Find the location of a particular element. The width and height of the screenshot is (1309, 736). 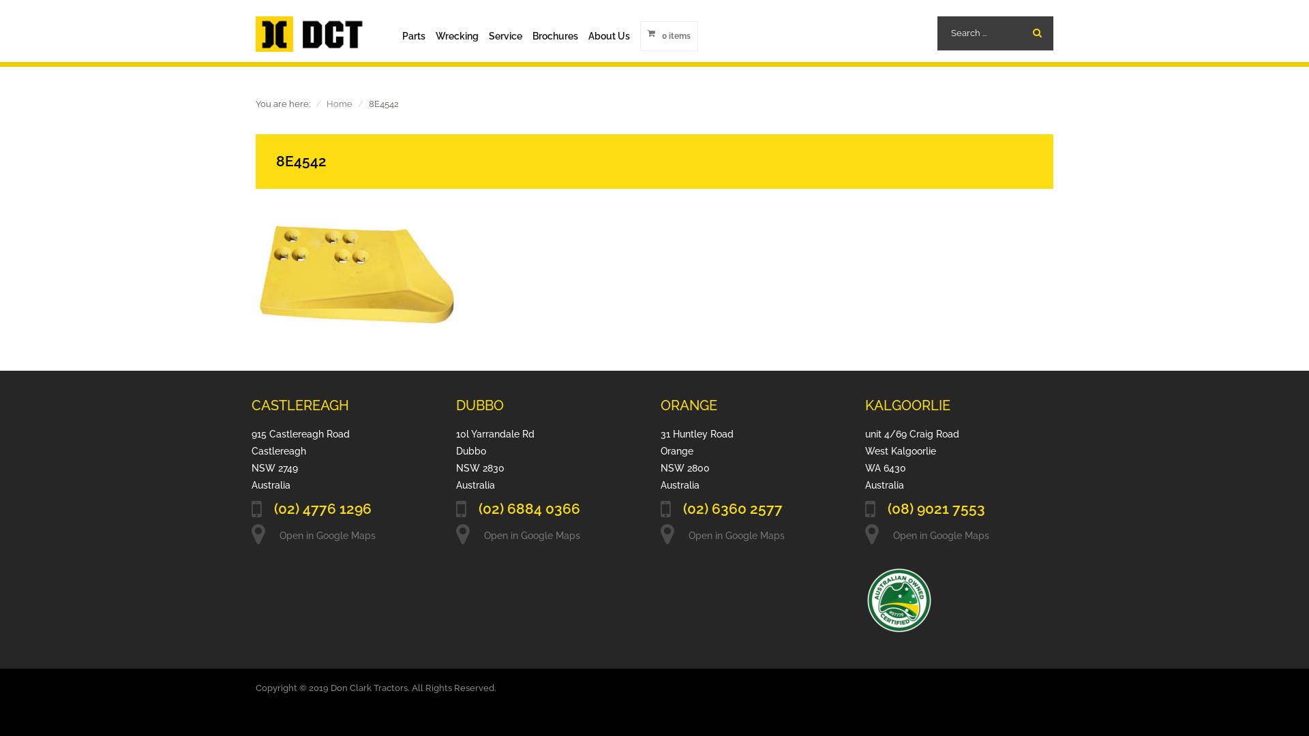

'Service' is located at coordinates (488, 35).